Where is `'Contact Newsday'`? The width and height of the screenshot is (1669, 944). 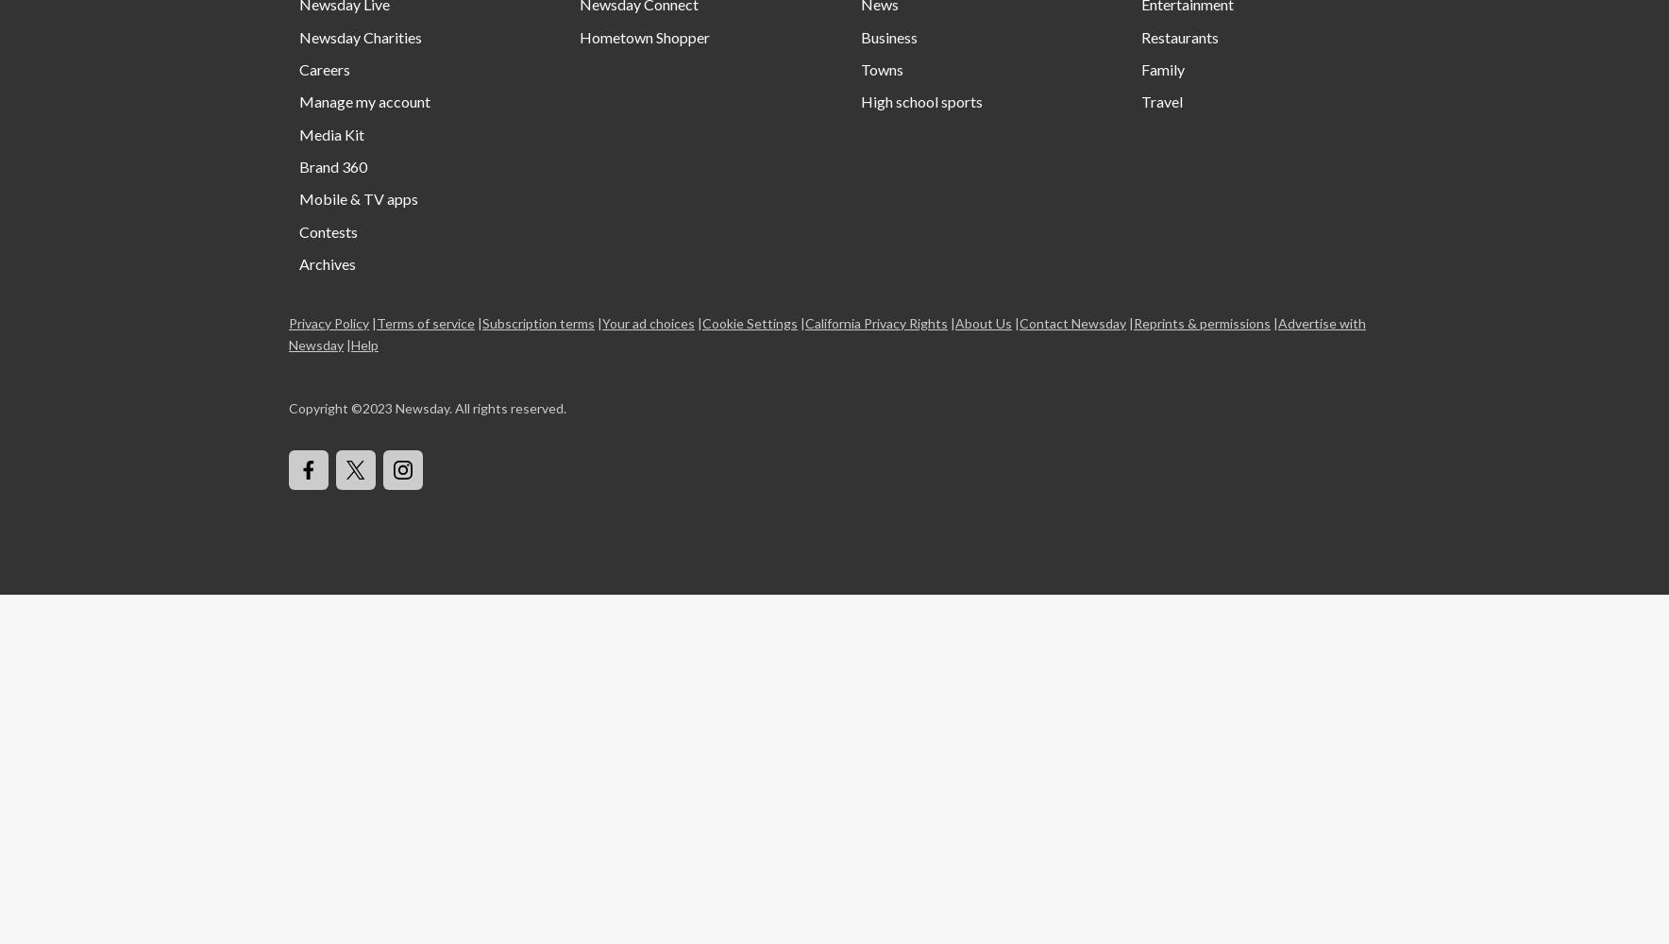
'Contact Newsday' is located at coordinates (1072, 321).